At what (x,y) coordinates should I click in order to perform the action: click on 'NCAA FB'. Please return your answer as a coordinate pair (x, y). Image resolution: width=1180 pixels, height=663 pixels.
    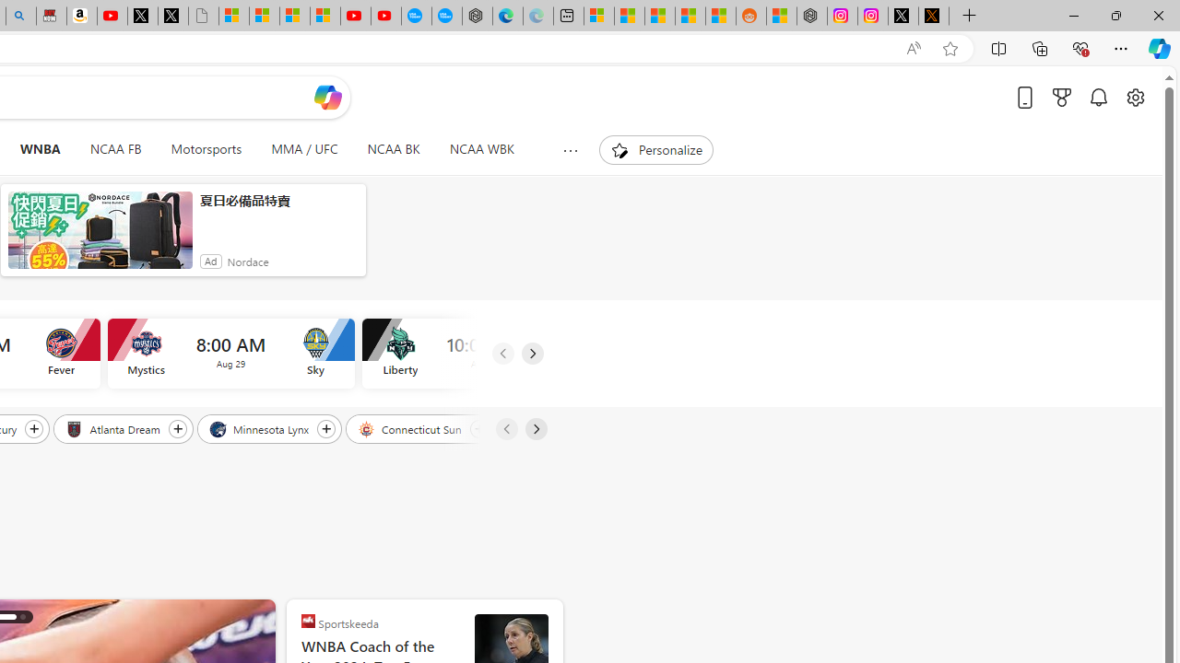
    Looking at the image, I should click on (114, 149).